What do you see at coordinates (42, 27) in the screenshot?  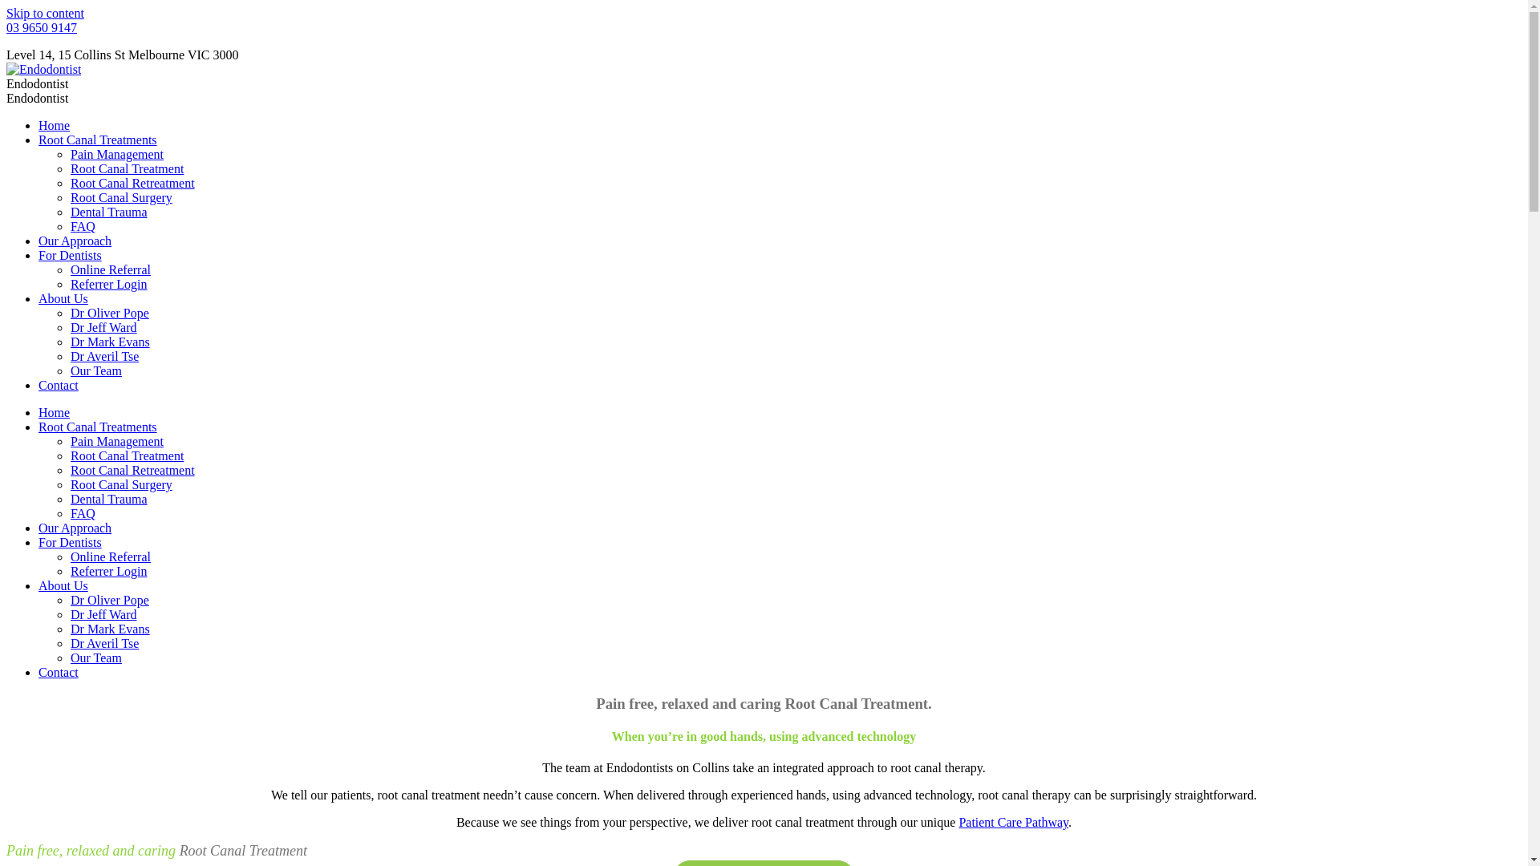 I see `'03 9650 9147'` at bounding box center [42, 27].